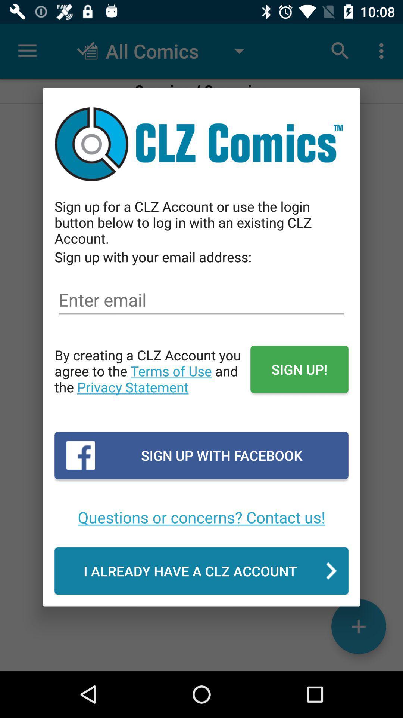  What do you see at coordinates (201, 300) in the screenshot?
I see `the icon above by creating a` at bounding box center [201, 300].